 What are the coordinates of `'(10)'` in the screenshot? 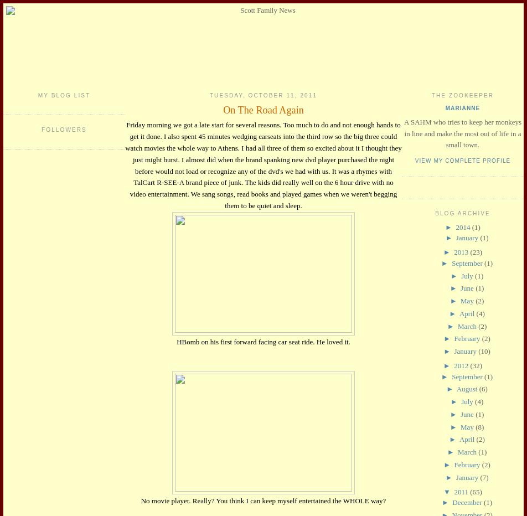 It's located at (484, 350).